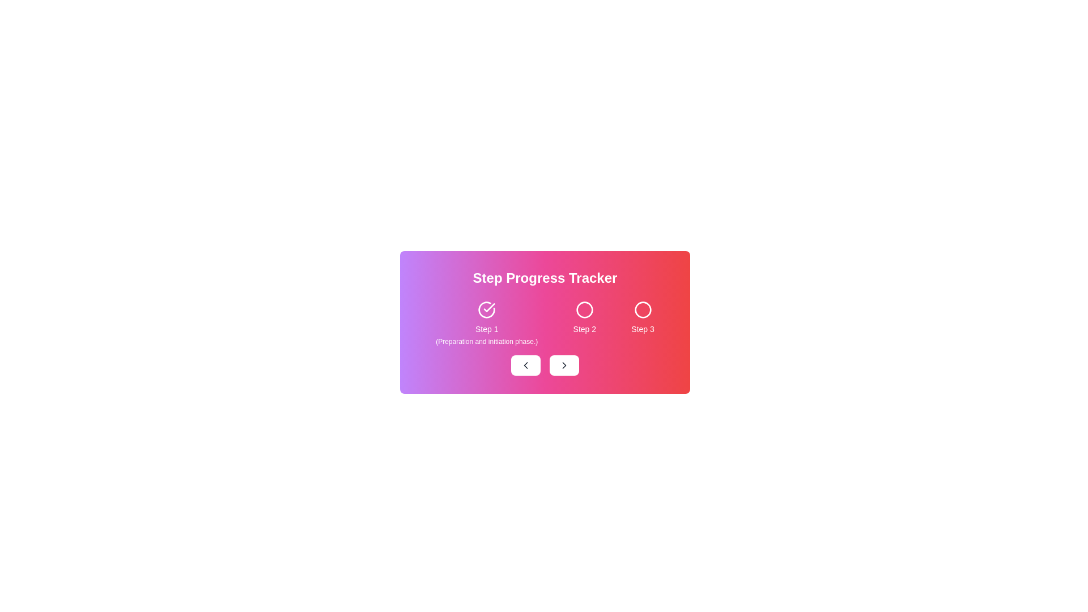 This screenshot has height=612, width=1088. I want to click on the navigation button located at the bottom center of the interface, positioned to the right of a similar button with a left-facing chevron icon, to observe its hover effects, so click(564, 365).